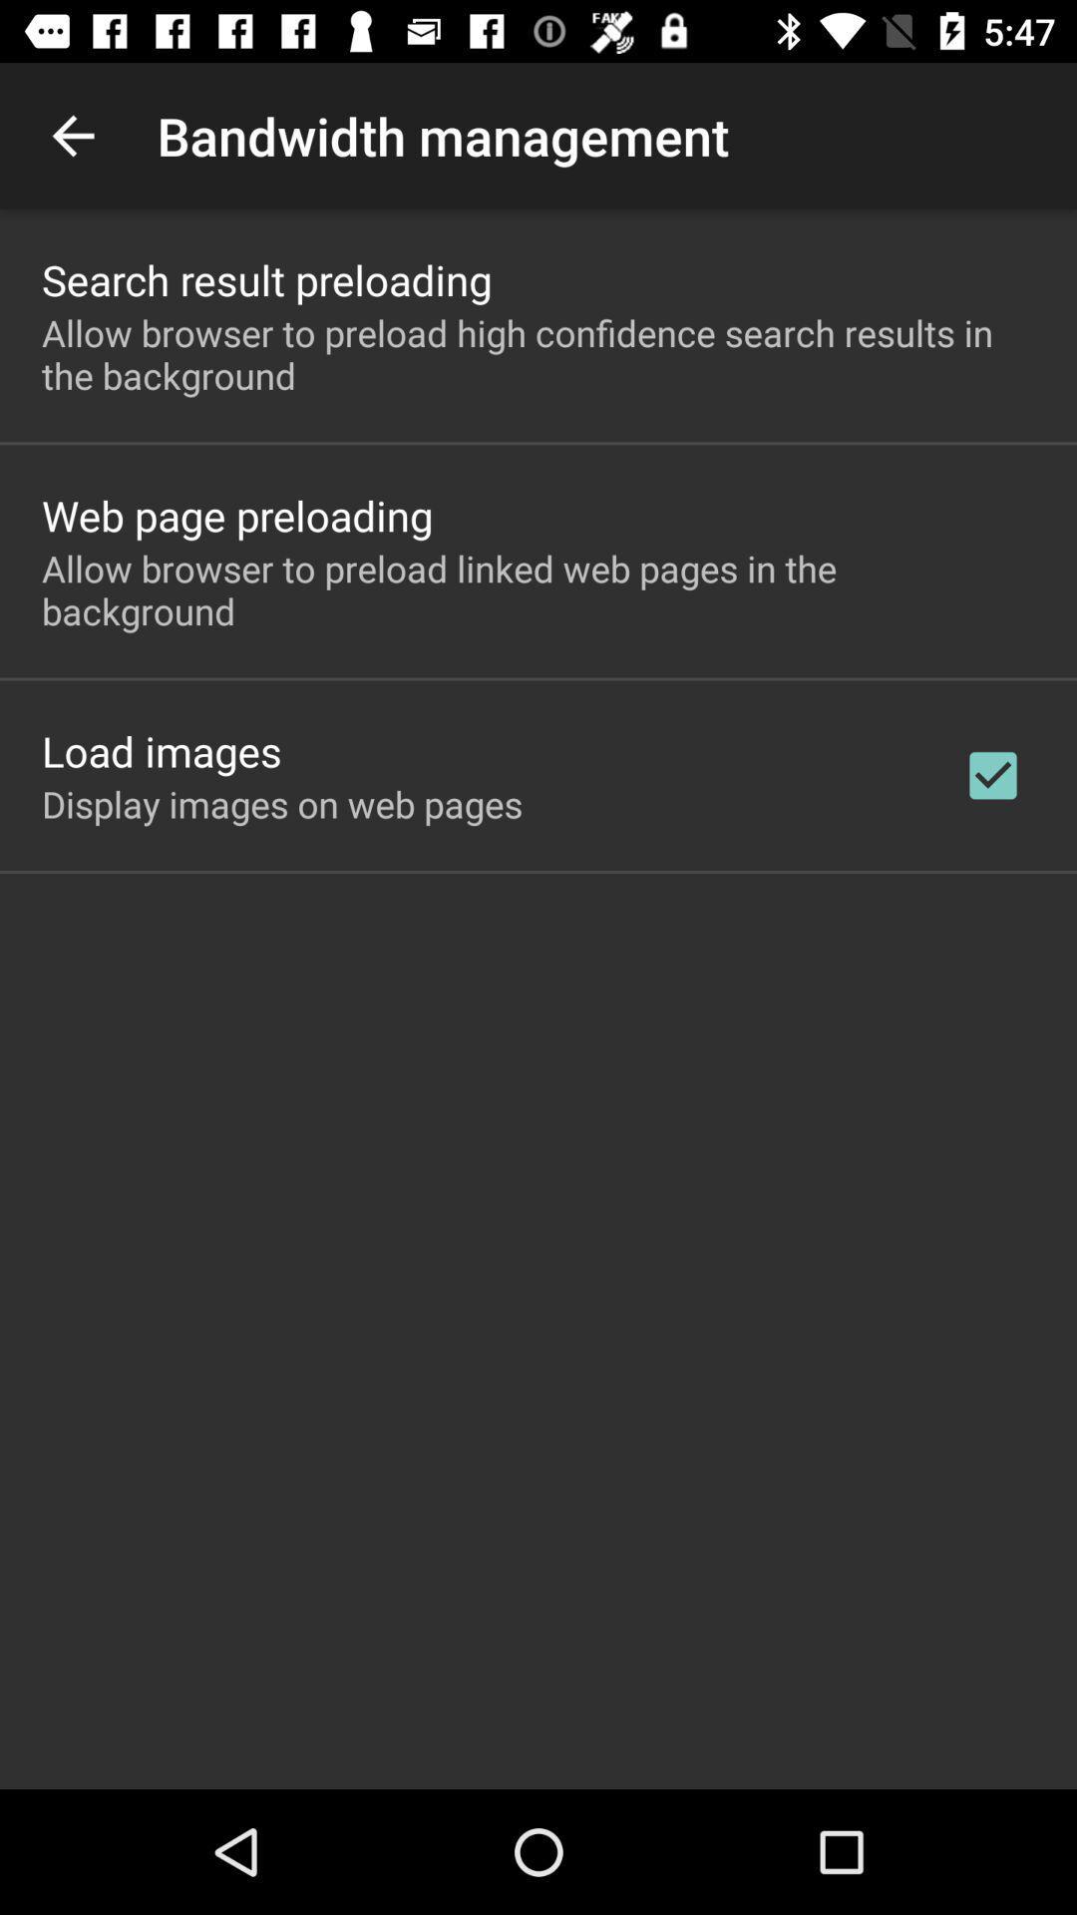 The height and width of the screenshot is (1915, 1077). What do you see at coordinates (265, 278) in the screenshot?
I see `the search result preloading app` at bounding box center [265, 278].